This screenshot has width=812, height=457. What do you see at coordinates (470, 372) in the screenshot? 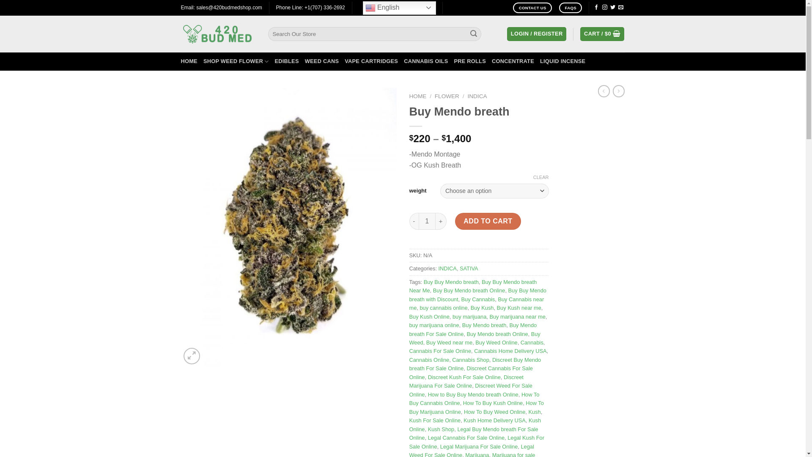
I see `'Discreet Cannabis For Sale Online'` at bounding box center [470, 372].